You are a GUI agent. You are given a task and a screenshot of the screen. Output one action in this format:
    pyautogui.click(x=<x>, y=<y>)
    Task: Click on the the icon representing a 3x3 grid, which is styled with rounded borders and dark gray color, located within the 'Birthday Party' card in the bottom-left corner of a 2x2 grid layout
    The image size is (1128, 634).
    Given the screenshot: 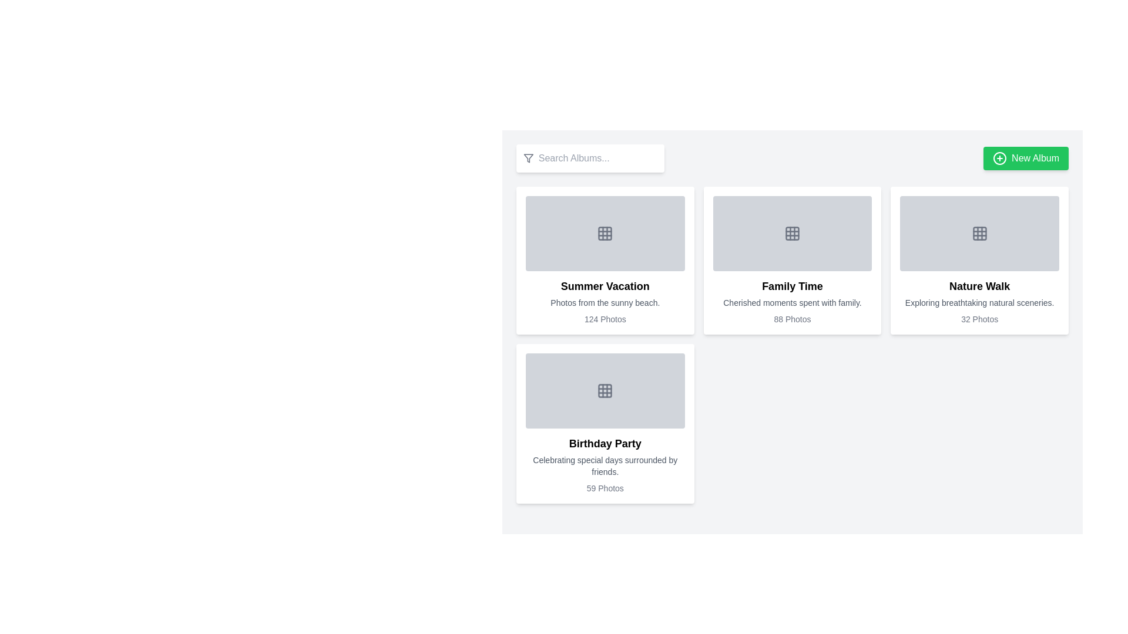 What is the action you would take?
    pyautogui.click(x=605, y=391)
    